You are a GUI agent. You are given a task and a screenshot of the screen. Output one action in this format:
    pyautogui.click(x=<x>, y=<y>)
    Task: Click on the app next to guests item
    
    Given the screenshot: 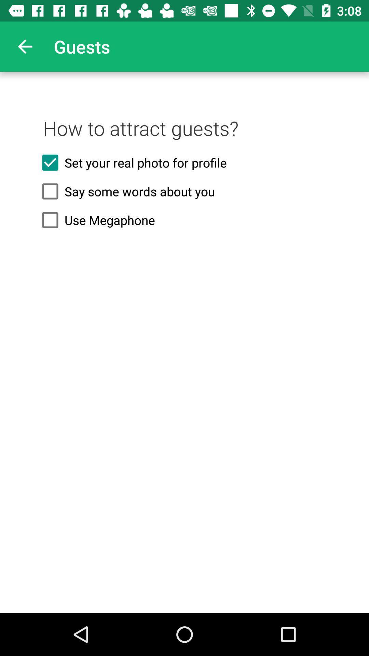 What is the action you would take?
    pyautogui.click(x=25, y=46)
    